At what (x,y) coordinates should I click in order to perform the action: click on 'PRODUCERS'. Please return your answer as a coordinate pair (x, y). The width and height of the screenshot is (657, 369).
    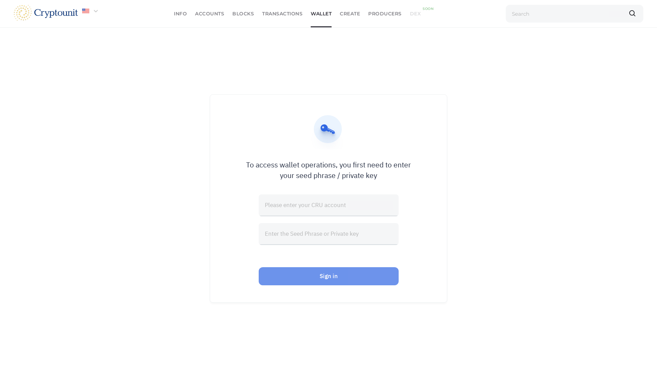
    Looking at the image, I should click on (385, 13).